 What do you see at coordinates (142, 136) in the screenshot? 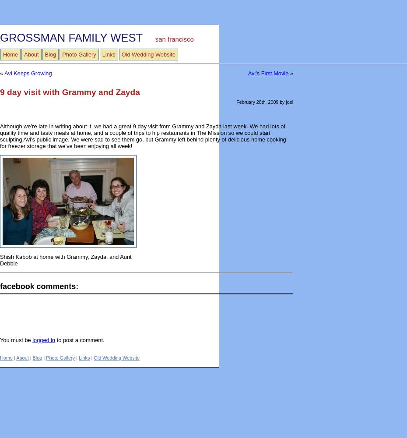
I see `'Although we’re late in writing about it, we had a great 9 day visit from Grammy and Zayda last week. We had lots of quality time and tasty meals at home, and a couple of trips to hip restaurants in The Mission so we could start sculpting Avi’s public image. We were sad to see them go, but Grammy left behind plenty of delicious home cooking for freezer storage that we’ve been enjoying all week!'` at bounding box center [142, 136].